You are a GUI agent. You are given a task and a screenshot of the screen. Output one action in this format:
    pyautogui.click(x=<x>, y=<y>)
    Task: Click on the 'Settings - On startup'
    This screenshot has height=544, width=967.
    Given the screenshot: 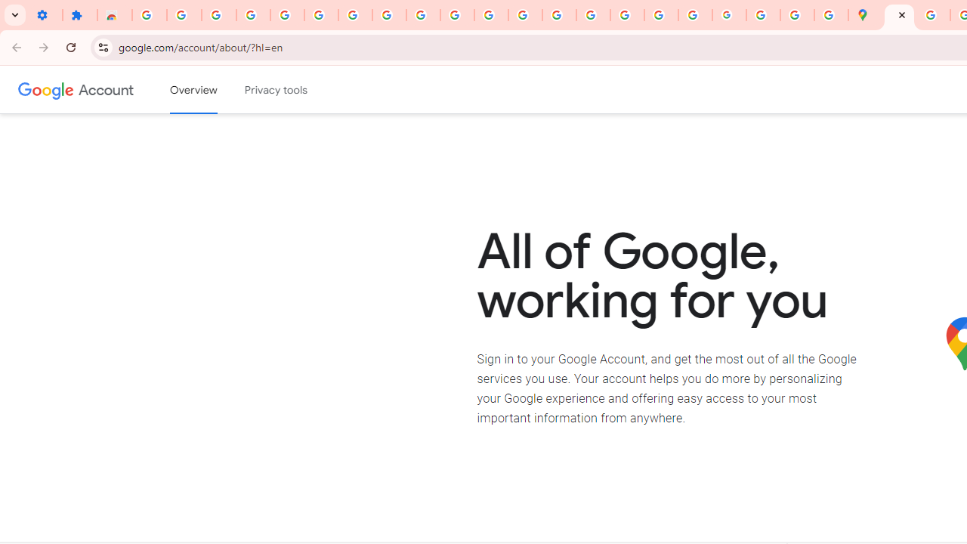 What is the action you would take?
    pyautogui.click(x=45, y=15)
    